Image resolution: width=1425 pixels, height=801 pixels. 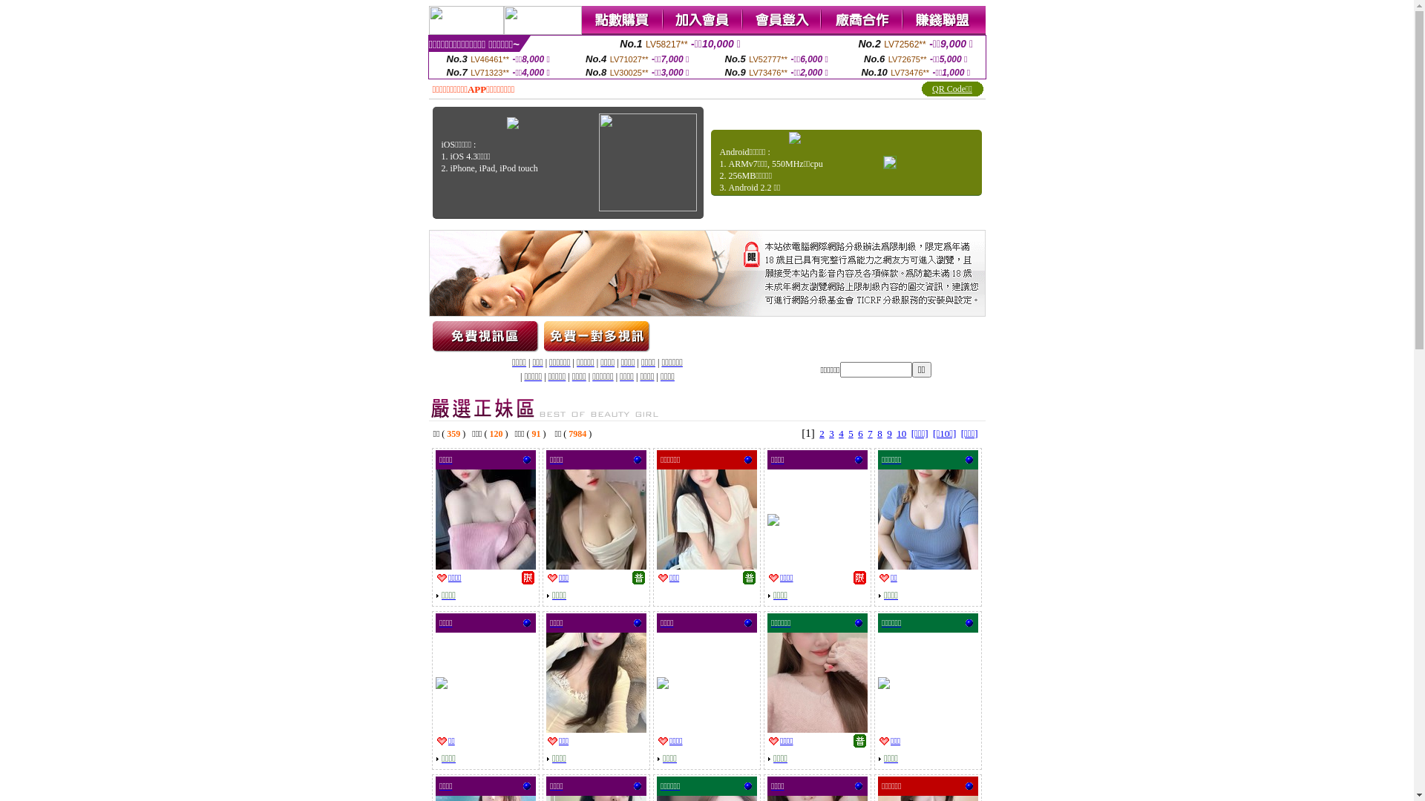 What do you see at coordinates (819, 433) in the screenshot?
I see `'2'` at bounding box center [819, 433].